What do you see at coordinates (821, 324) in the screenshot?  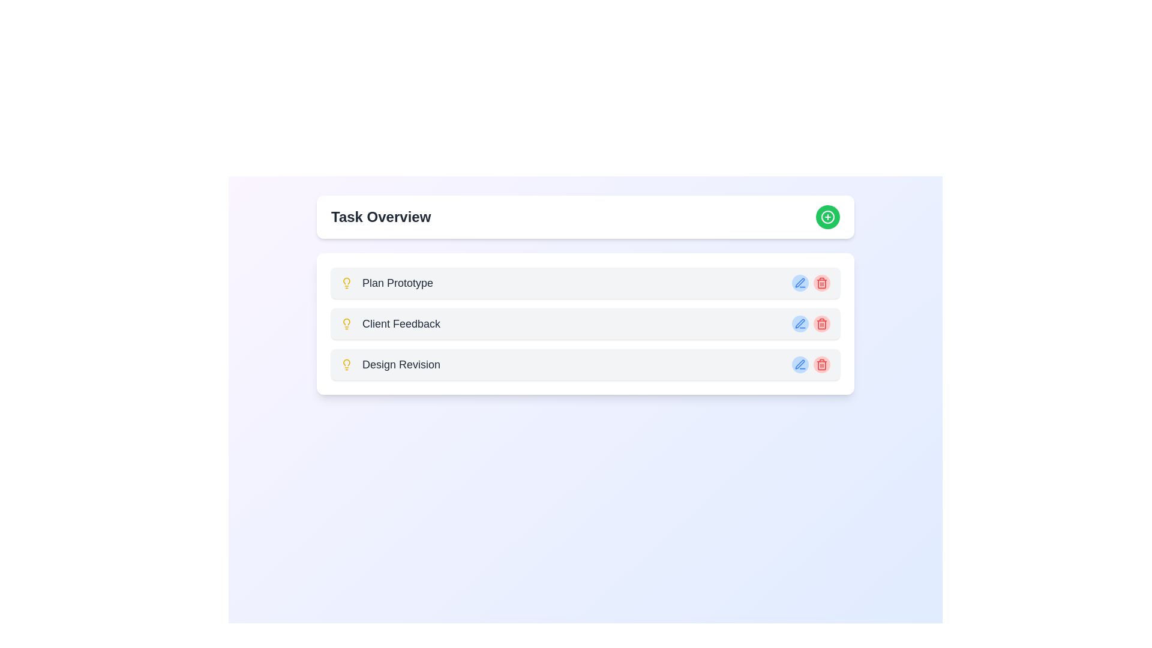 I see `the trash can icon, which is a red-colored rounded button symbolizing deletion, located to the right side of the 'Client Feedback' task item` at bounding box center [821, 324].